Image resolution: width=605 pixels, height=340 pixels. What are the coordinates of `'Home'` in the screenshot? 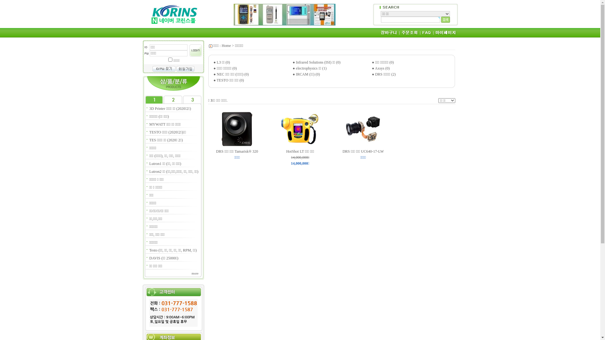 It's located at (226, 45).